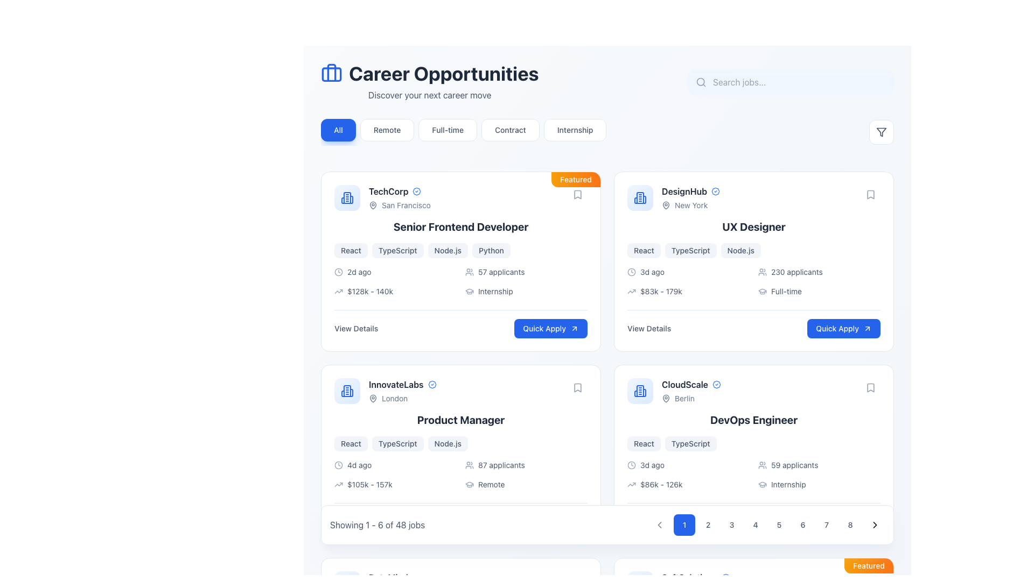 The height and width of the screenshot is (581, 1034). What do you see at coordinates (881, 132) in the screenshot?
I see `the small filter icon styled as a trapezoidal funnel located in the top-right corner of the interface` at bounding box center [881, 132].